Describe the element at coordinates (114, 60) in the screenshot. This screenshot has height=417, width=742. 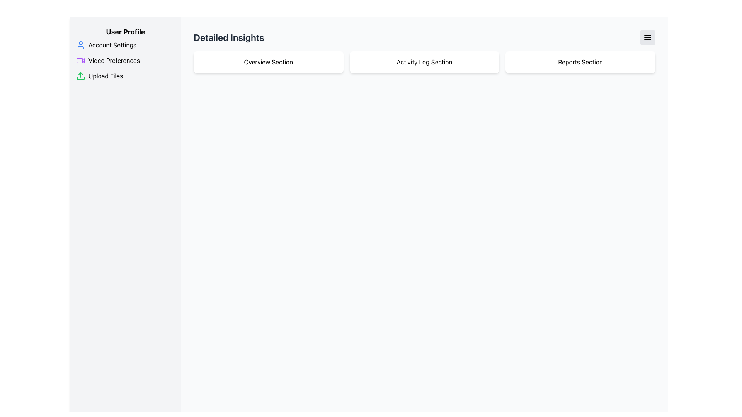
I see `the 'Video Preferences' text label in the vertical navigation menu under 'User Profile'` at that location.